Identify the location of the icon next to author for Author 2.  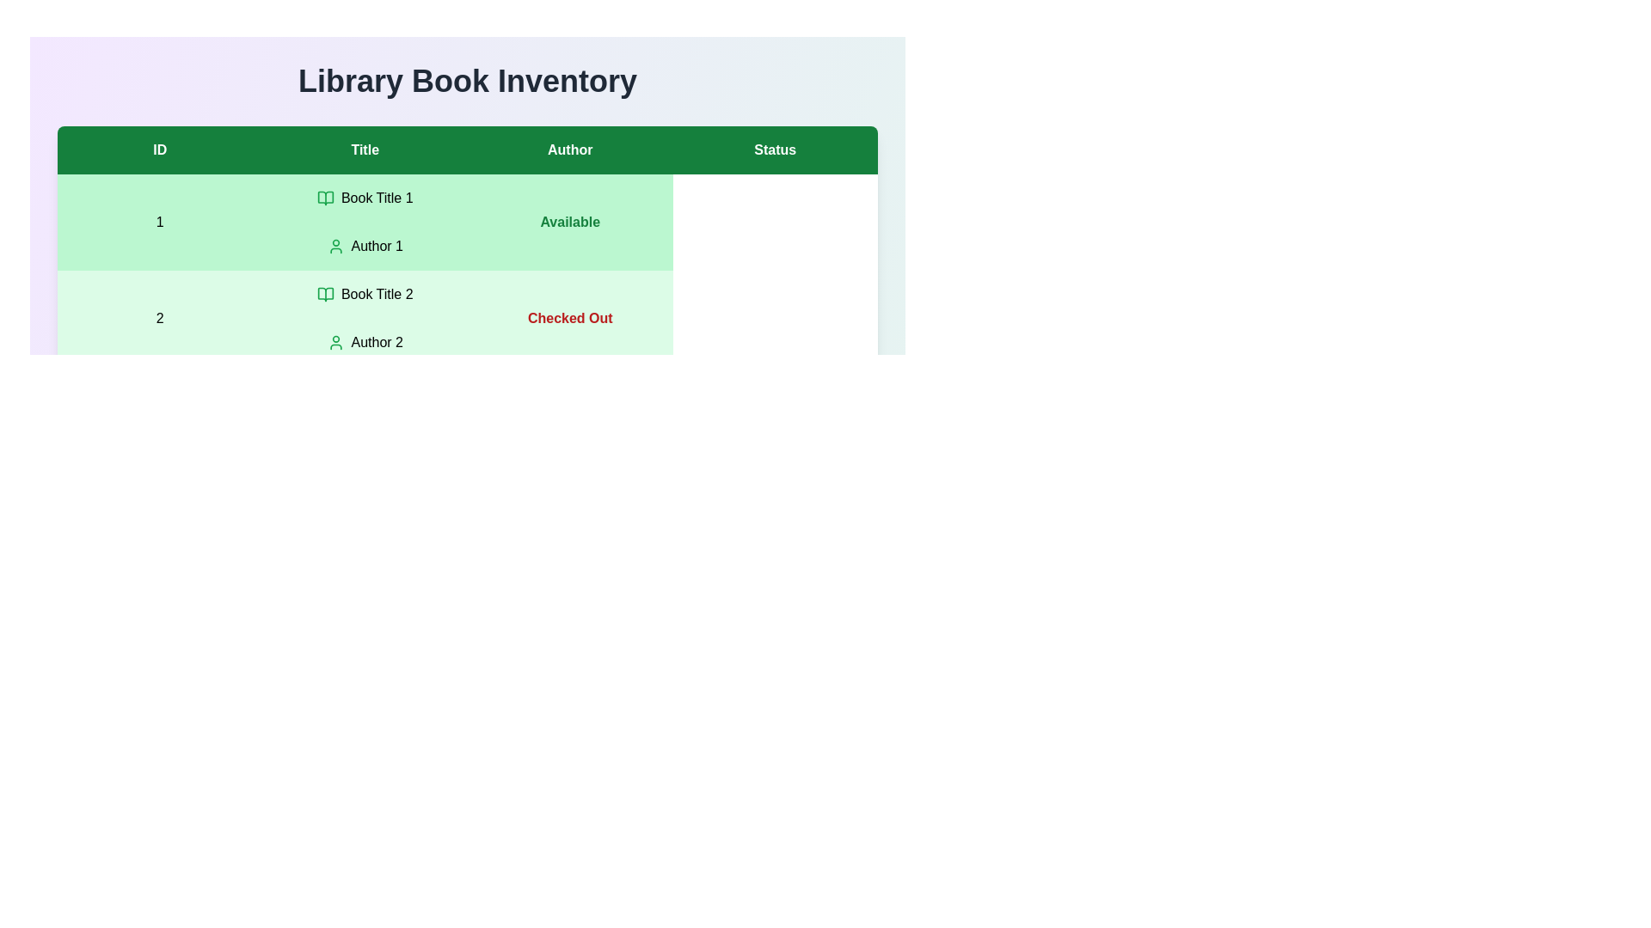
(335, 342).